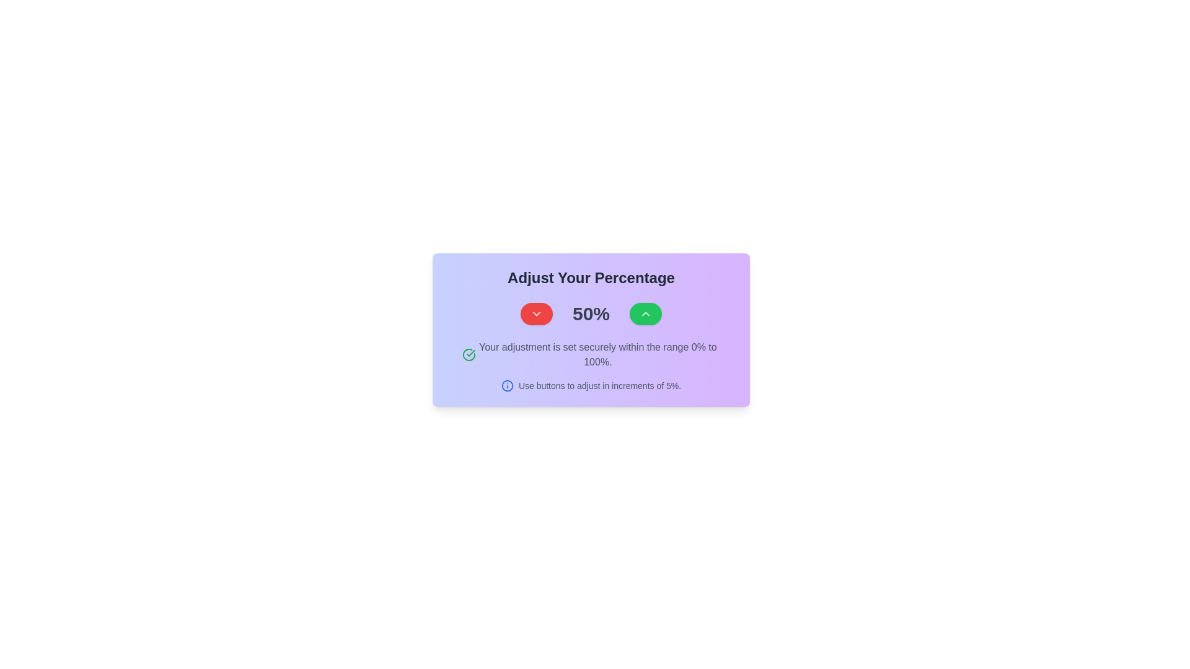 The width and height of the screenshot is (1190, 669). I want to click on the central text display element that shows '50%' in bold, large dark gray text, located between a red decrement button and a green increment button, so click(591, 313).